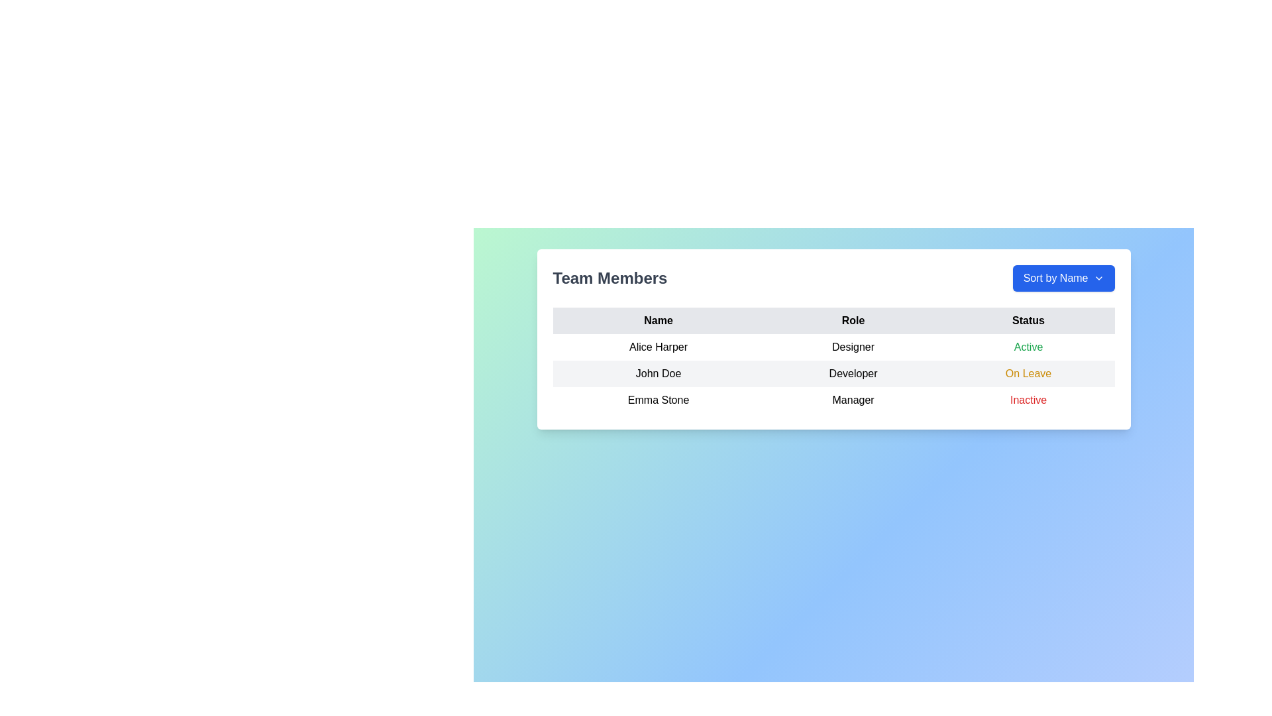 The image size is (1272, 716). Describe the element at coordinates (833, 400) in the screenshot. I see `name, role, and status information from the tabular row displaying details for 'Emma Stone', the 'Manager' with 'Inactive' status` at that location.